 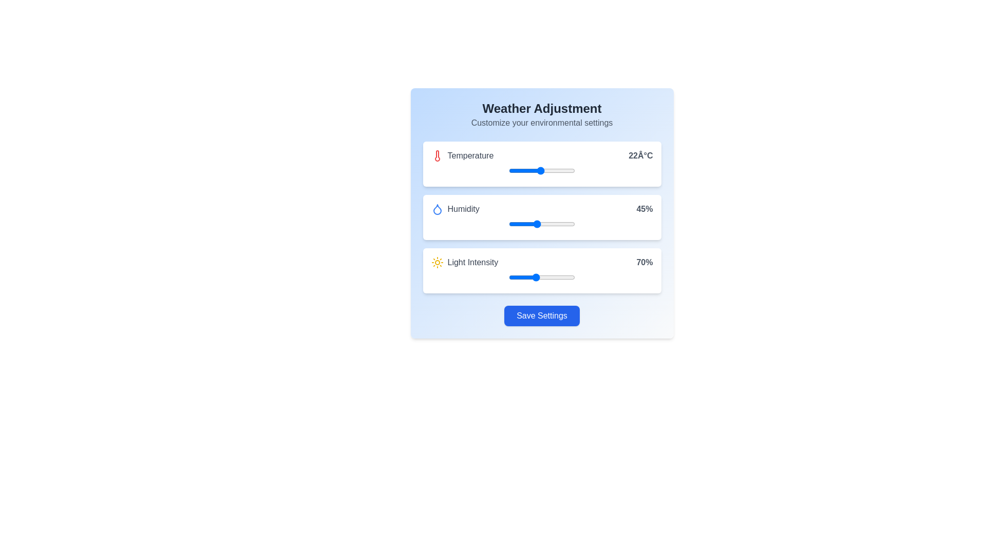 I want to click on the 'Light Intensity' label with accompanying icon, which is located above the slider bar and to the left of the percentage value '70%', so click(x=464, y=262).